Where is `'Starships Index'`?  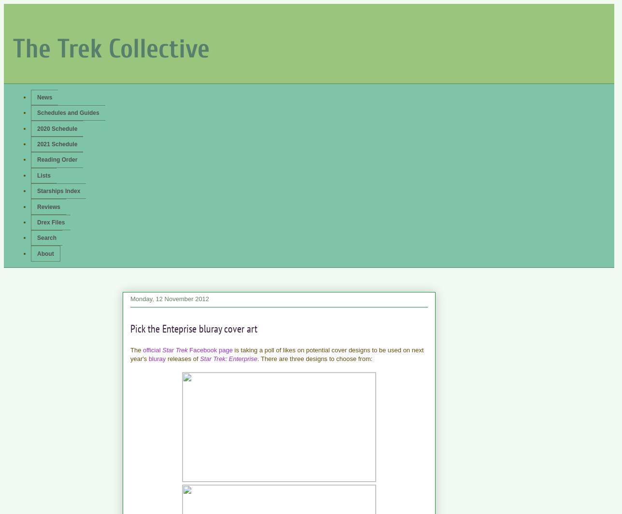
'Starships Index' is located at coordinates (37, 190).